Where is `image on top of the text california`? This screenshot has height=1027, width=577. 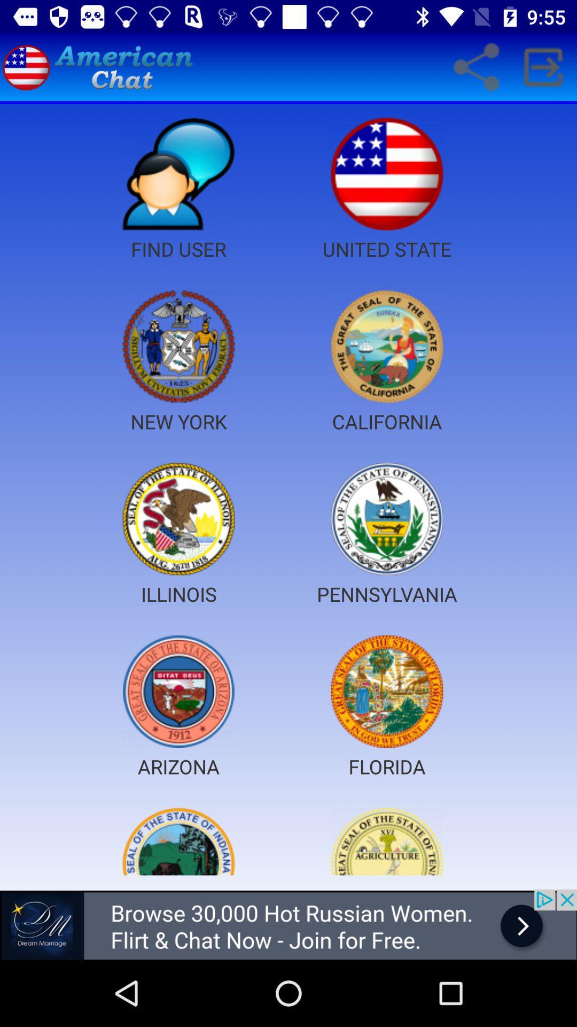
image on top of the text california is located at coordinates (387, 347).